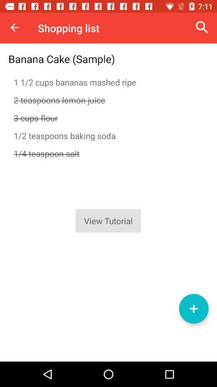  What do you see at coordinates (108, 117) in the screenshot?
I see `icon above the 1 2 teaspoons` at bounding box center [108, 117].